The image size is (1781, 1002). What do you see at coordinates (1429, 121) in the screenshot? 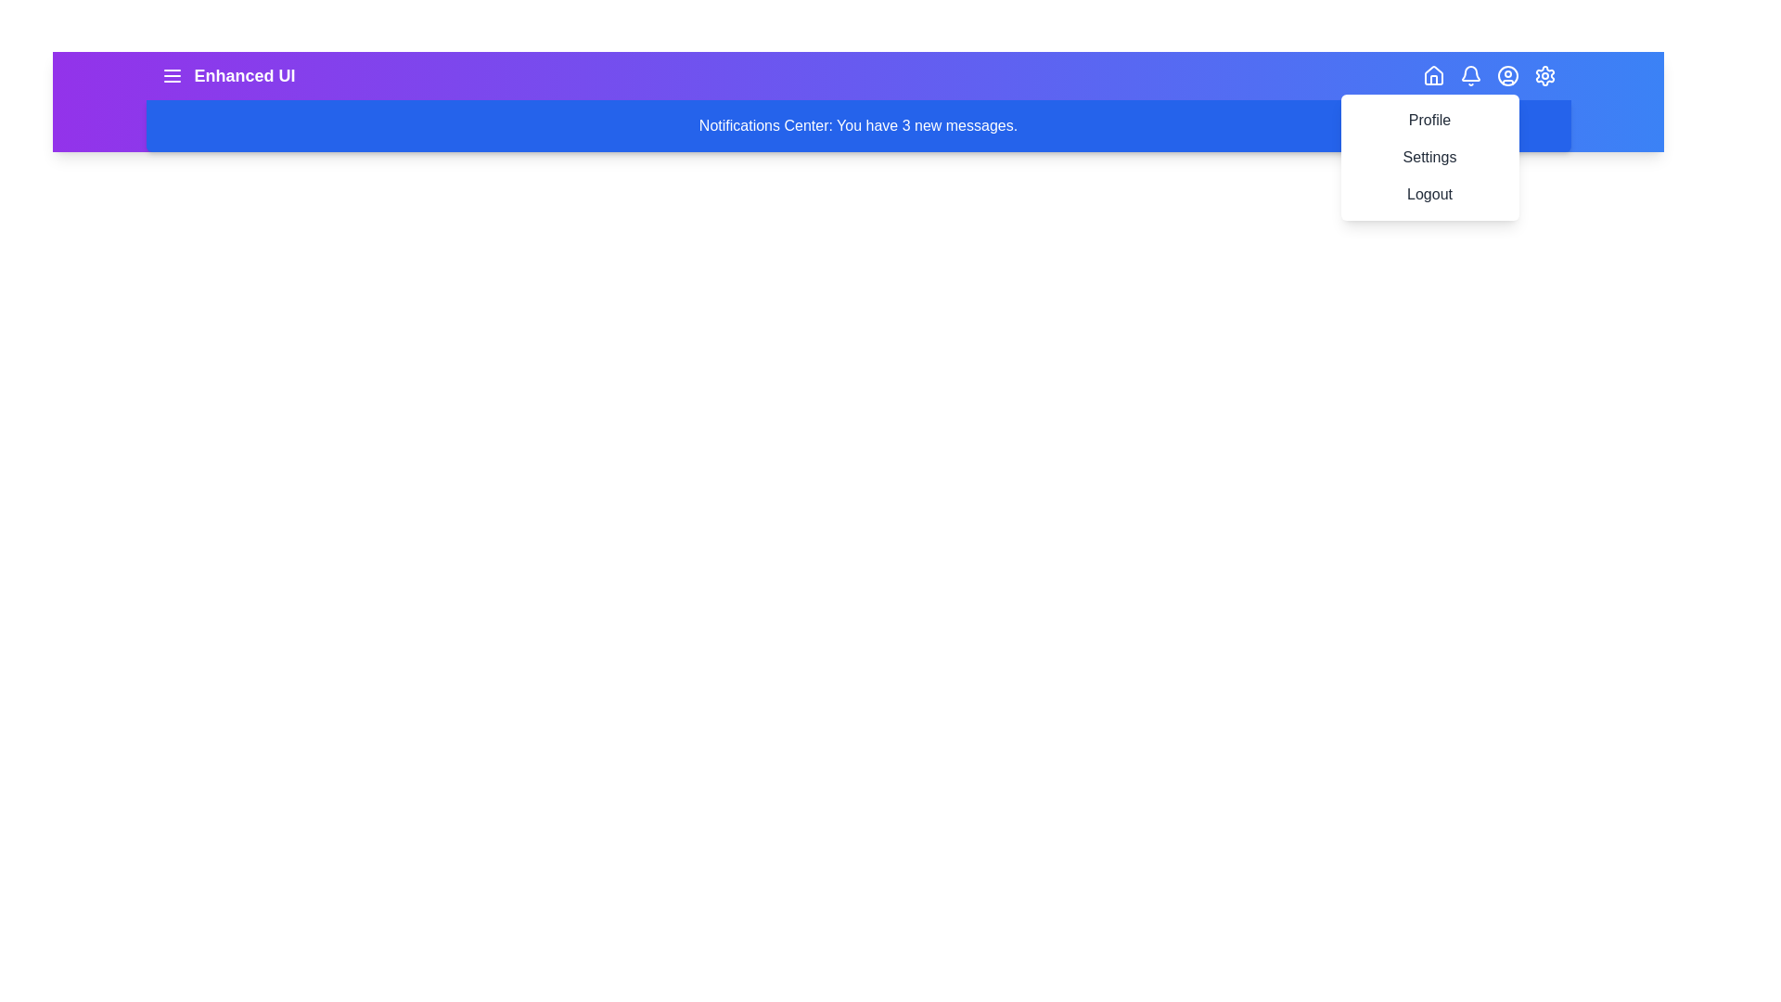
I see `the menu item Profile` at bounding box center [1429, 121].